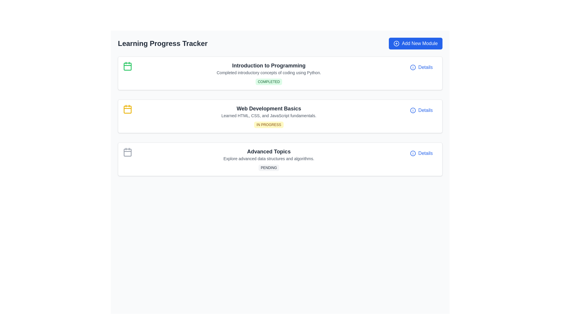 The height and width of the screenshot is (318, 566). What do you see at coordinates (127, 66) in the screenshot?
I see `the small rectangular SVG element with rounded corners inside the green calendar icon, which represents completion in the 'Introduction to Programming' module of the 'Learning Progress Tracker'` at bounding box center [127, 66].